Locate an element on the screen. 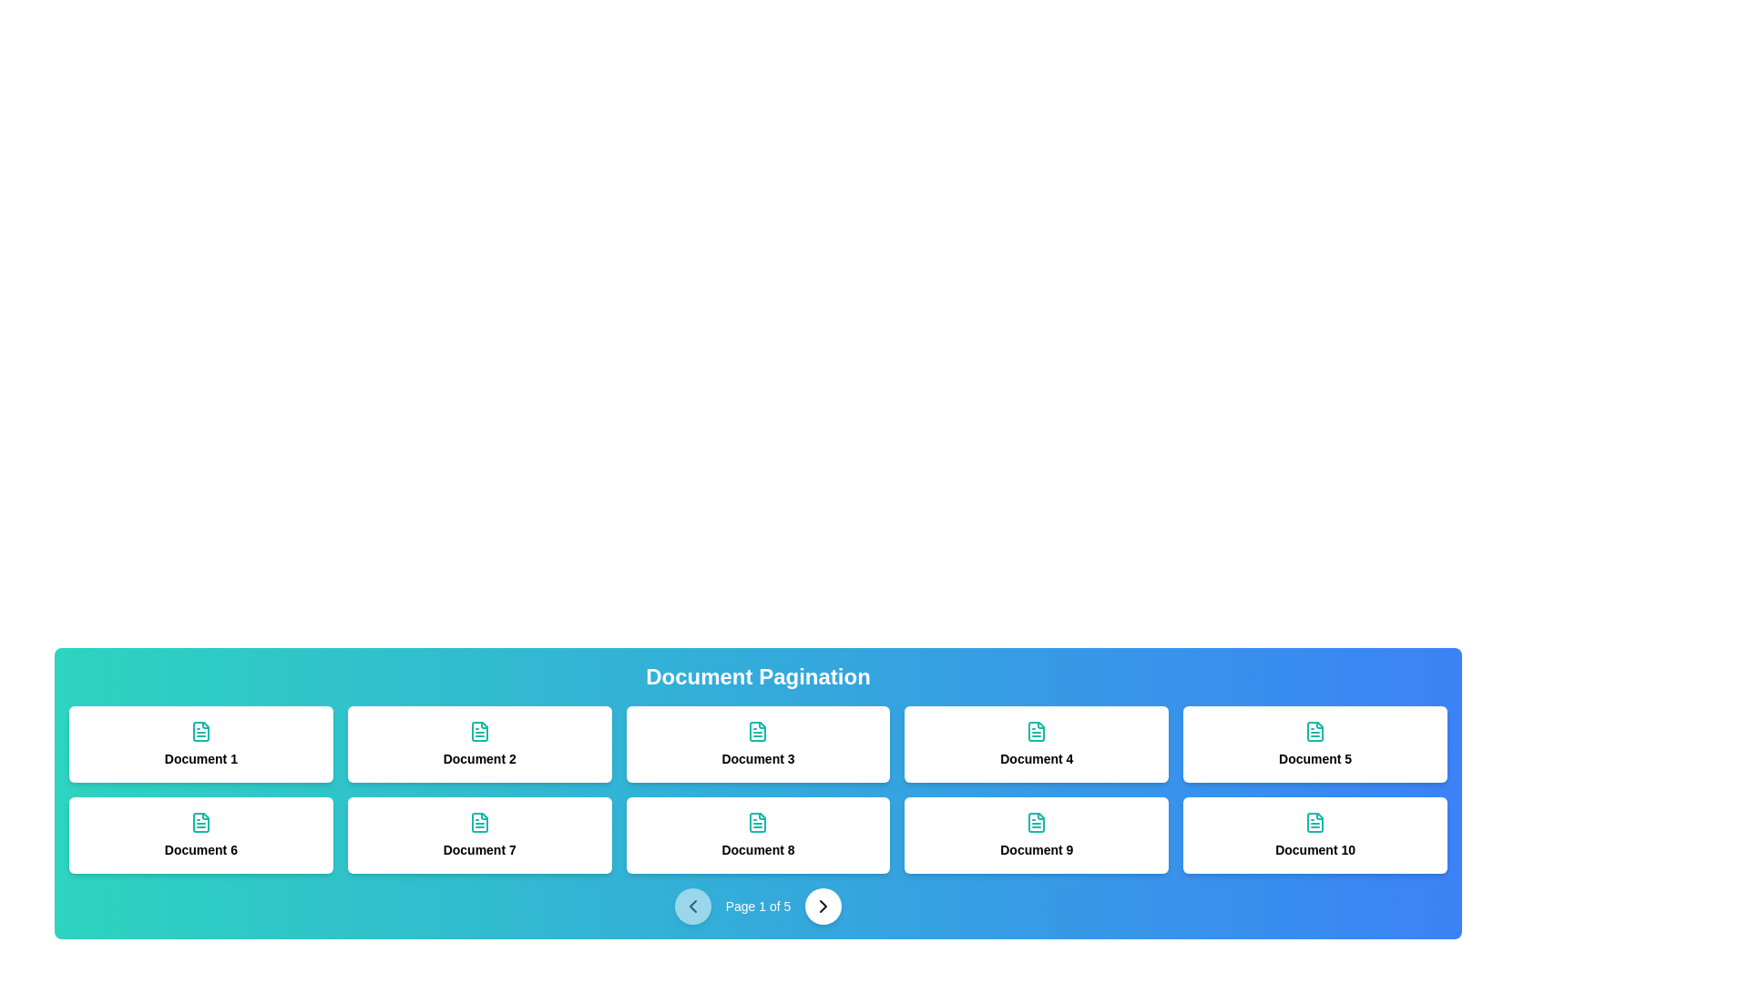 This screenshot has width=1749, height=983. the text label displaying the current page number and total number of pages, which is styled with a small white font and located centrally between the 'previous' and 'next' navigation buttons in the pagination section at the bottom of the layout is located at coordinates (758, 906).